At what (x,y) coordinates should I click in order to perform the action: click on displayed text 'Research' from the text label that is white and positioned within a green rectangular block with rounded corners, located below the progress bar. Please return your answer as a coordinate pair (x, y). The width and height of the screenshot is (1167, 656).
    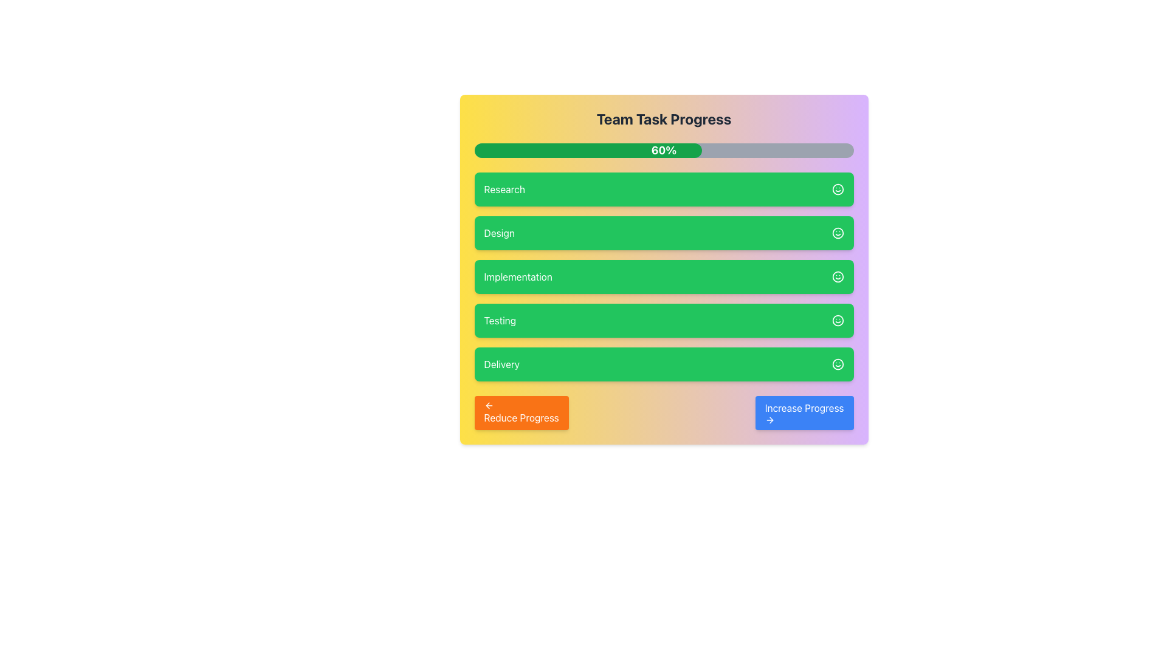
    Looking at the image, I should click on (504, 190).